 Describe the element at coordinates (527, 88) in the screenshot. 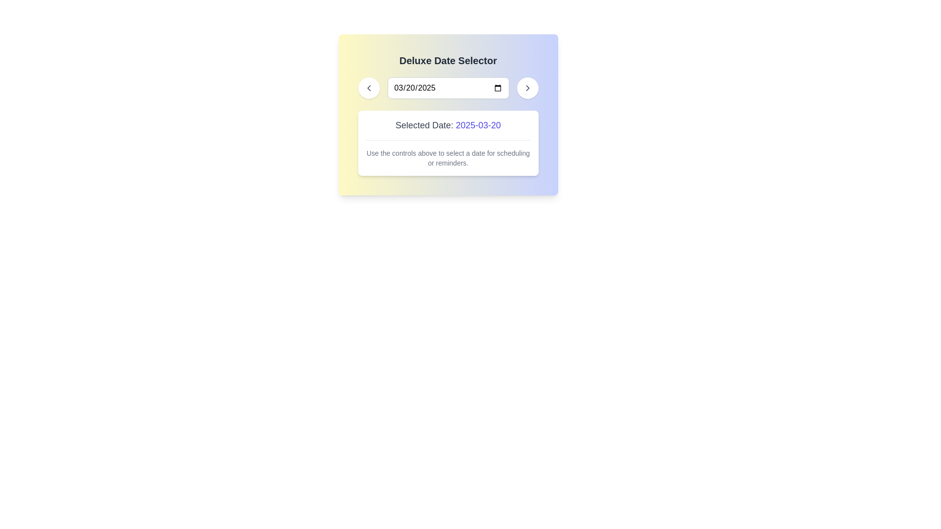

I see `the Chevron Right icon inside the circular button located at the far-right end of the top row of controls in the date selector interface to observe potential visual feedback` at that location.